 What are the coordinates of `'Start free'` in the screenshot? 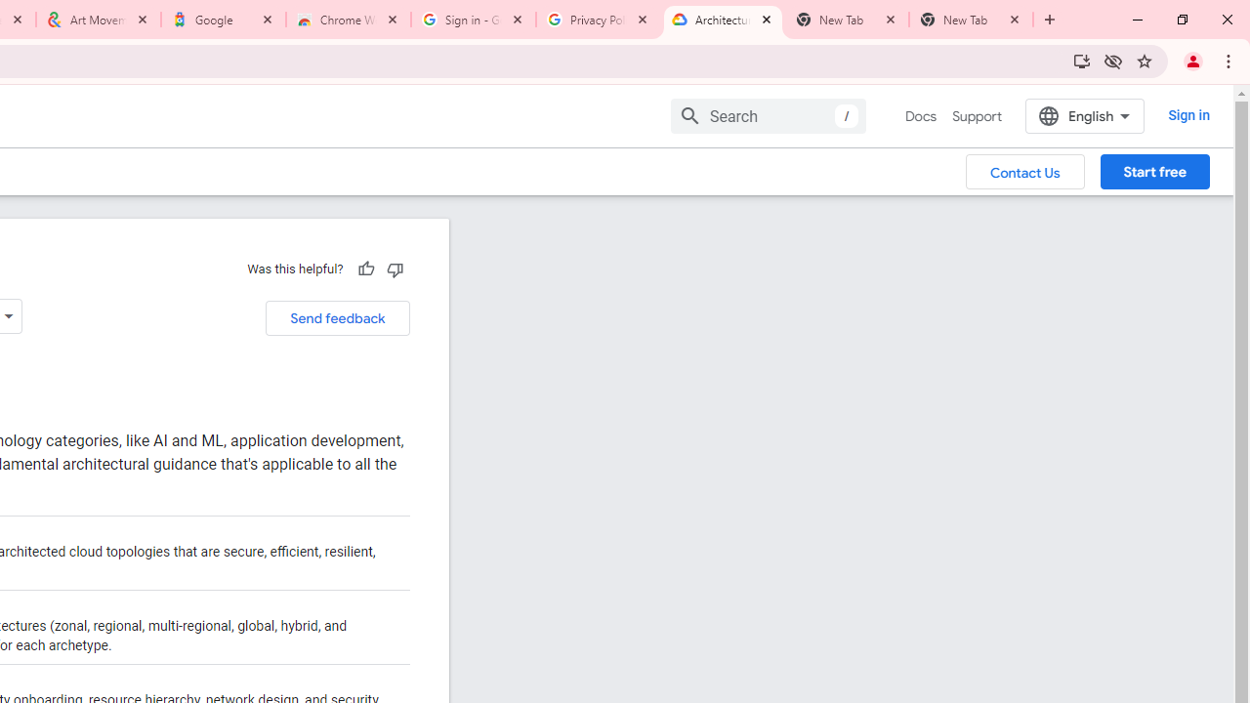 It's located at (1154, 170).